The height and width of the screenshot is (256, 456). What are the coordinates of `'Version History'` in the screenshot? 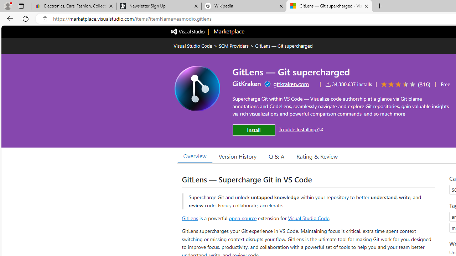 It's located at (238, 156).